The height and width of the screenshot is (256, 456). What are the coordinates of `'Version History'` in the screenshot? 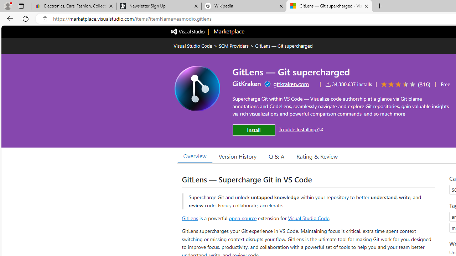 It's located at (238, 156).